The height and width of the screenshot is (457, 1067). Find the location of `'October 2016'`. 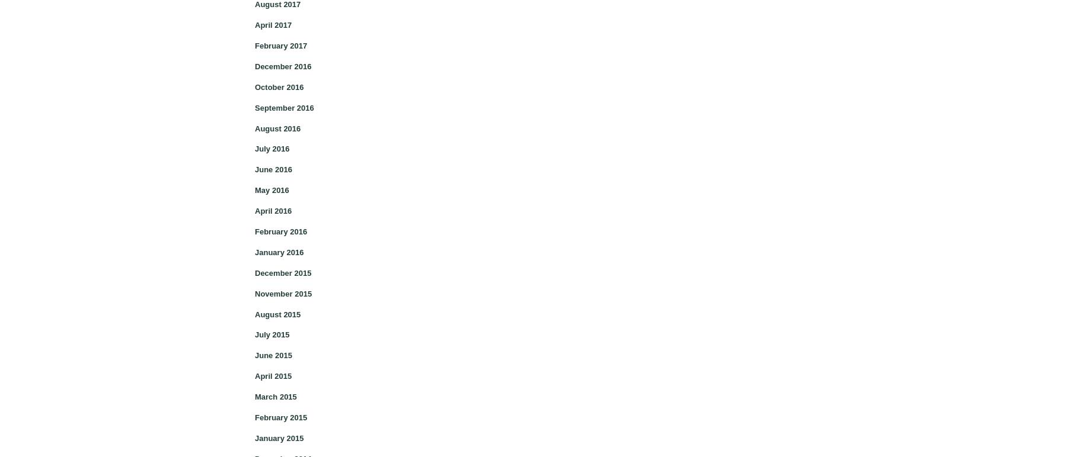

'October 2016' is located at coordinates (279, 86).